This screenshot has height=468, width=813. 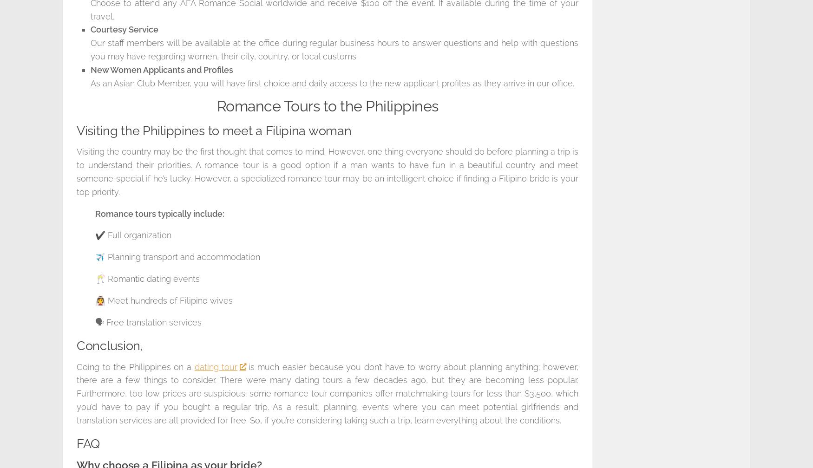 What do you see at coordinates (90, 29) in the screenshot?
I see `'Courtesy Service'` at bounding box center [90, 29].